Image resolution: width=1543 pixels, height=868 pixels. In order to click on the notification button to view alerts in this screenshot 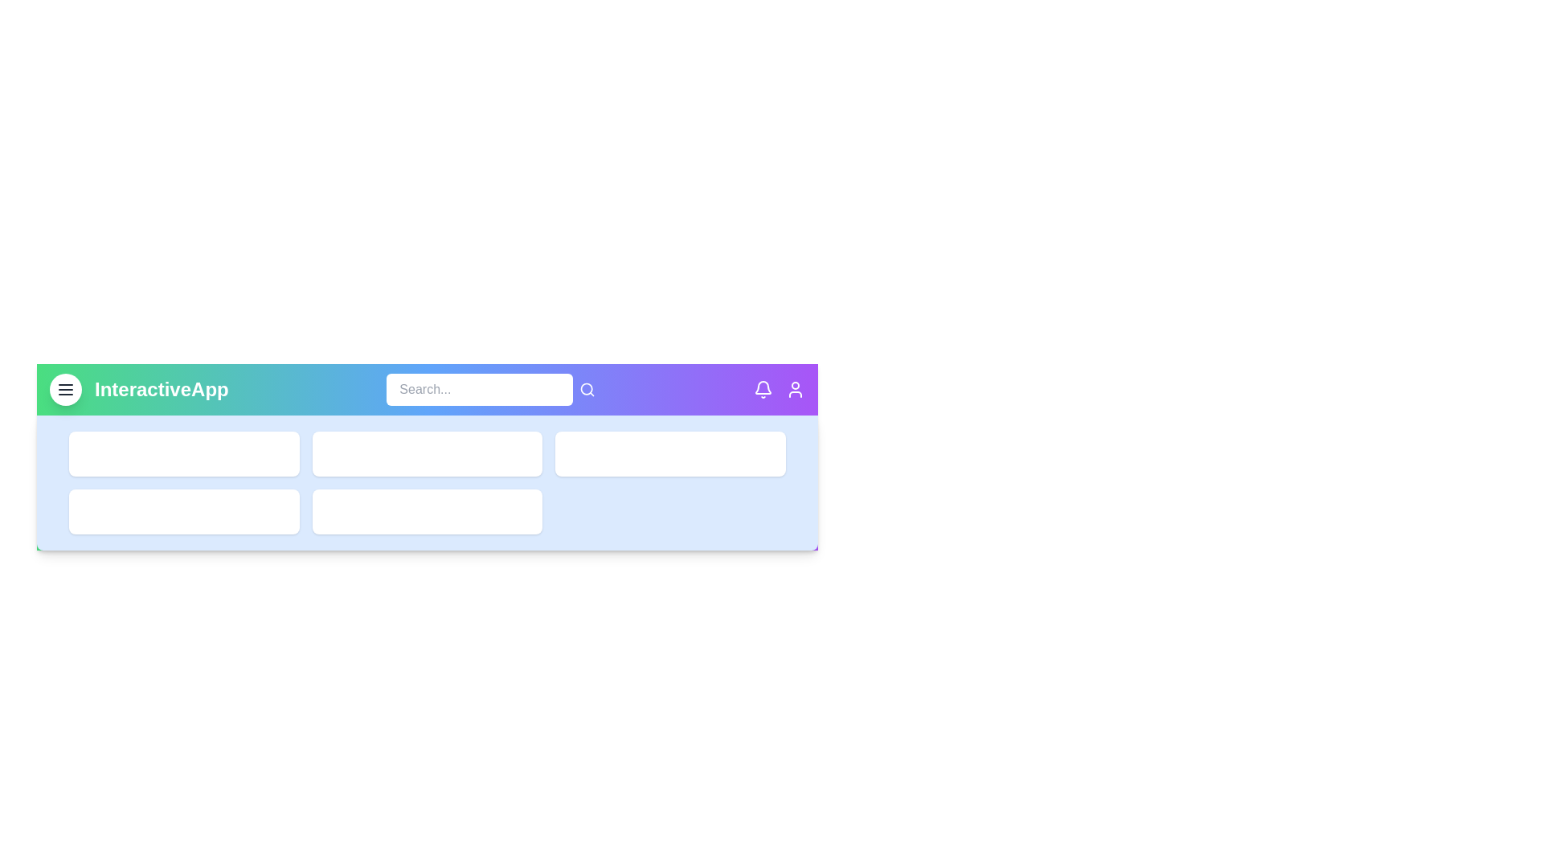, I will do `click(763, 390)`.